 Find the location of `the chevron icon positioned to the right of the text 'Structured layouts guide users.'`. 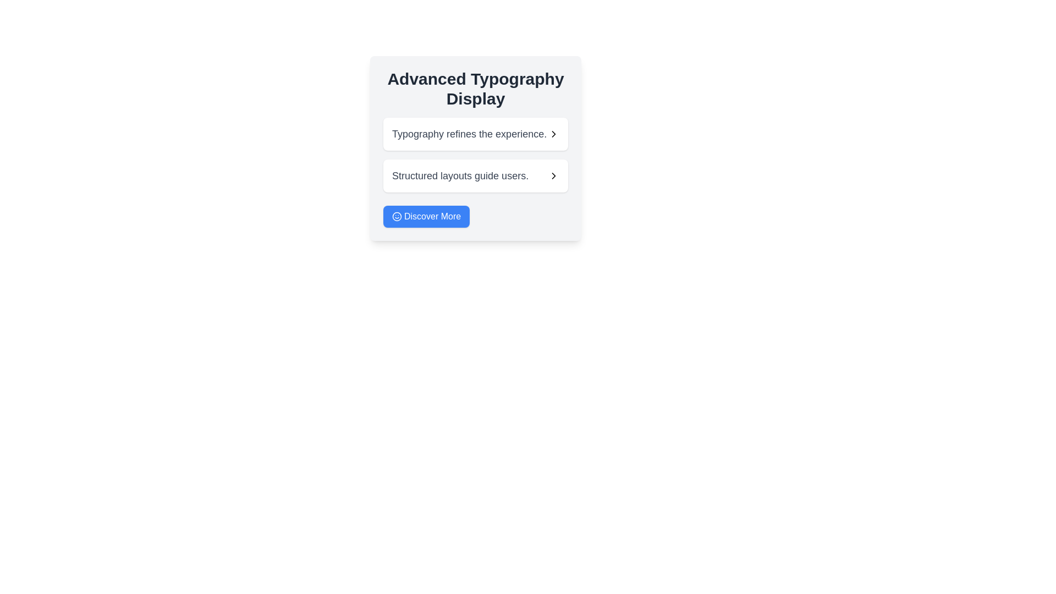

the chevron icon positioned to the right of the text 'Structured layouts guide users.' is located at coordinates (554, 175).